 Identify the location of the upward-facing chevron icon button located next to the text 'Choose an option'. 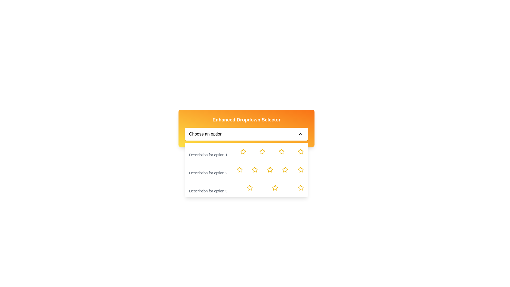
(301, 134).